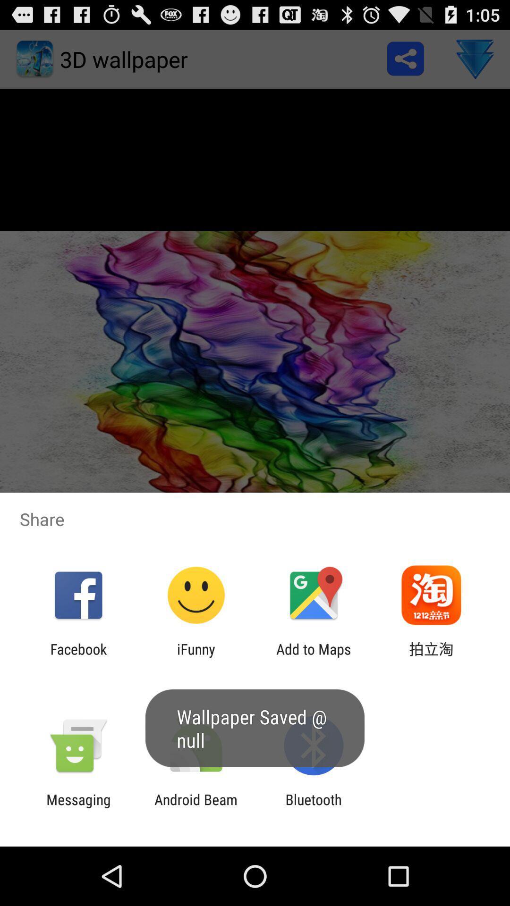  I want to click on the app to the right of the ifunny item, so click(314, 657).